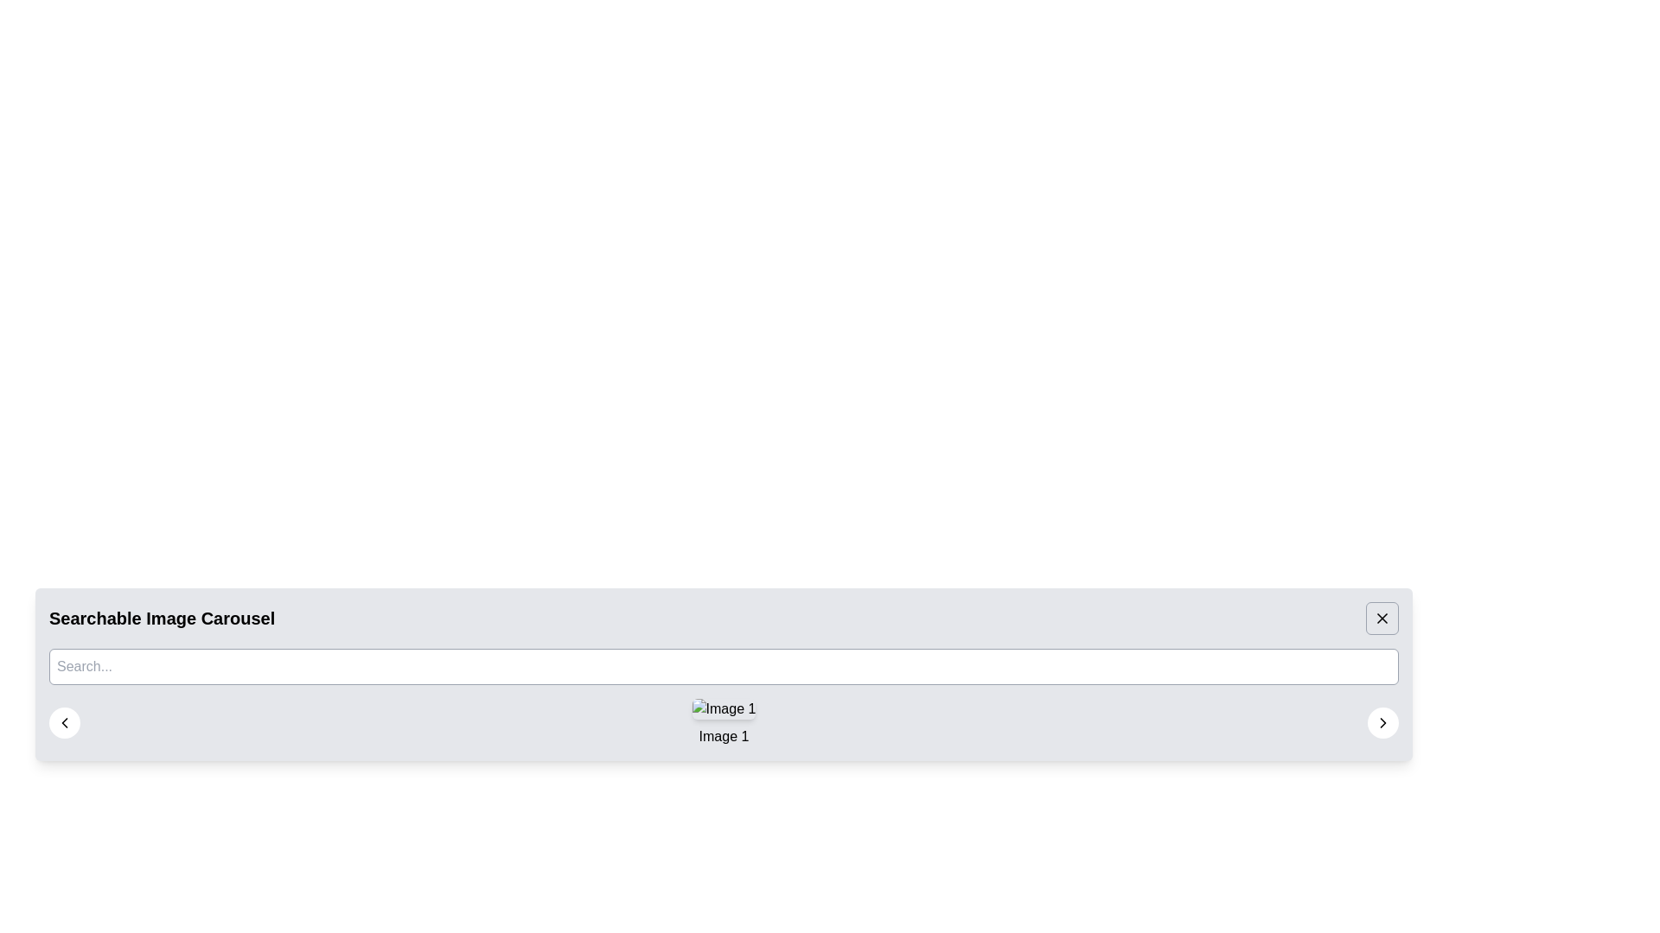 This screenshot has width=1660, height=933. I want to click on the circular button with a white background and a thin black chevron arrow pointing right, located at the bottom right of the interface, so click(1382, 723).